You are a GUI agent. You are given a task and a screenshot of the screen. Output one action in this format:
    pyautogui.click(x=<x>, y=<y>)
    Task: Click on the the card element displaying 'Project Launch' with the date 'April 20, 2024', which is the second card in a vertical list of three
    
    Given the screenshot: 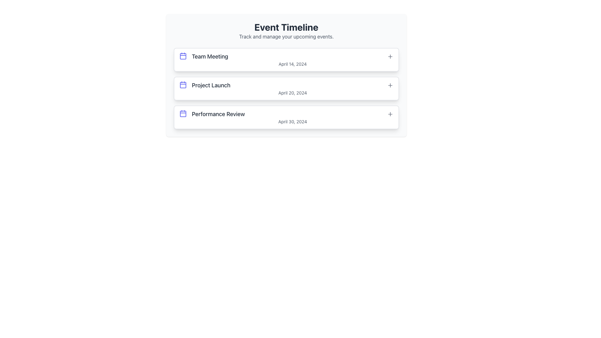 What is the action you would take?
    pyautogui.click(x=286, y=75)
    